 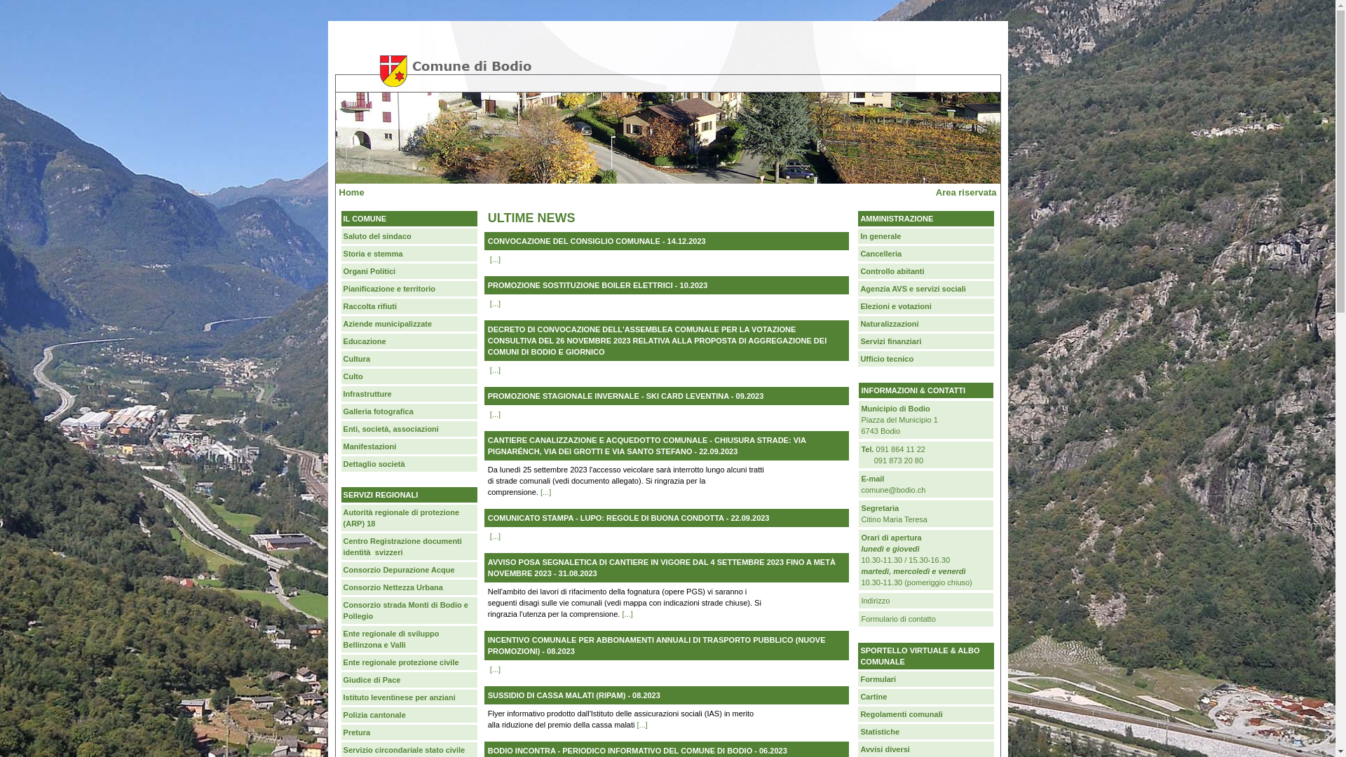 What do you see at coordinates (409, 394) in the screenshot?
I see `'Infrastrutture'` at bounding box center [409, 394].